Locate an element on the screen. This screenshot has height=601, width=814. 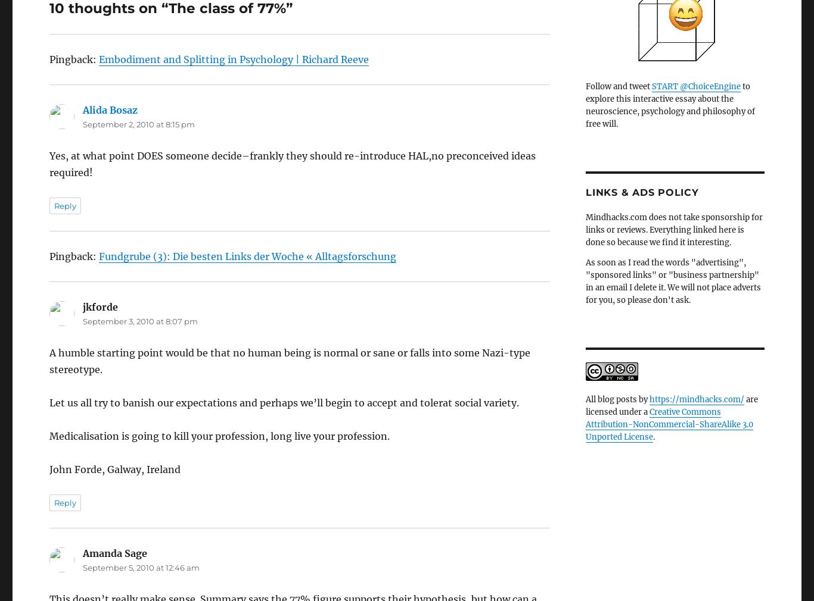
'As soon as I read the words "advertising", "sponsored links" or "business partnership" in an email I delete it. We will not place adverts for you, so please don't ask.' is located at coordinates (672, 281).